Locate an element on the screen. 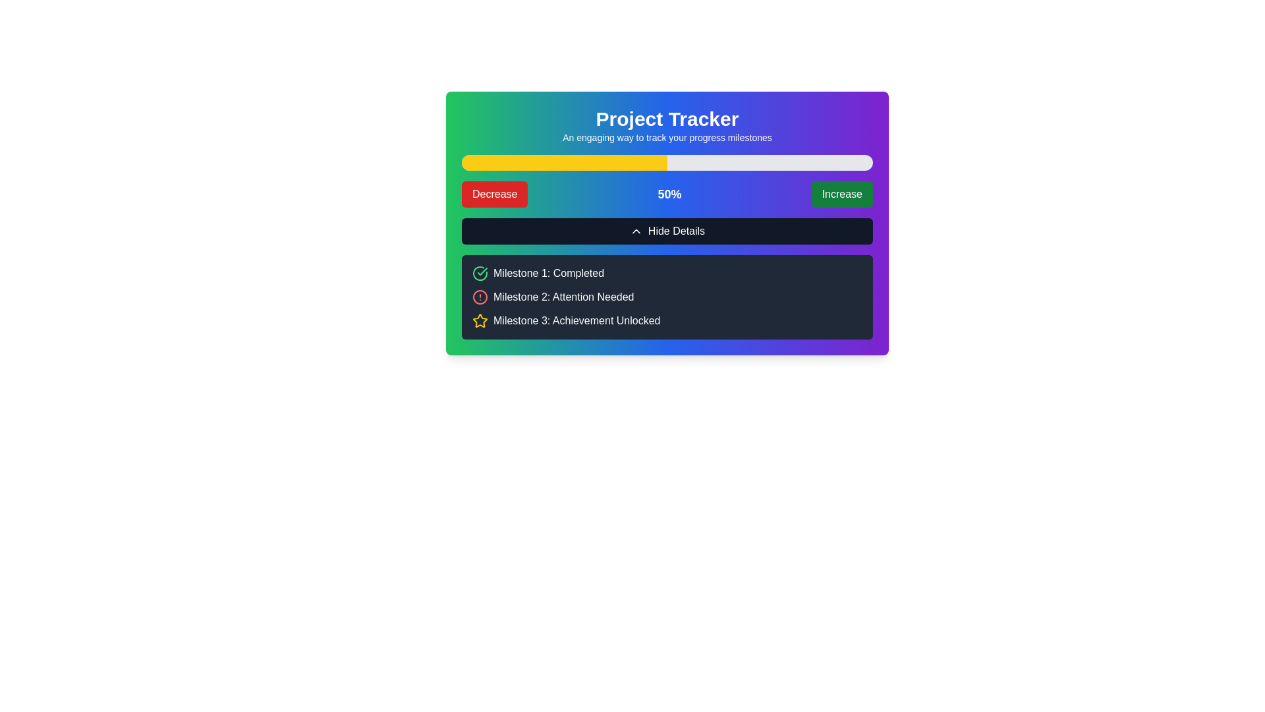 The image size is (1265, 712). the circular checkmark icon representing the completion status of 'Milestone 1: Completed', which is positioned to the left of the milestone text is located at coordinates (480, 273).